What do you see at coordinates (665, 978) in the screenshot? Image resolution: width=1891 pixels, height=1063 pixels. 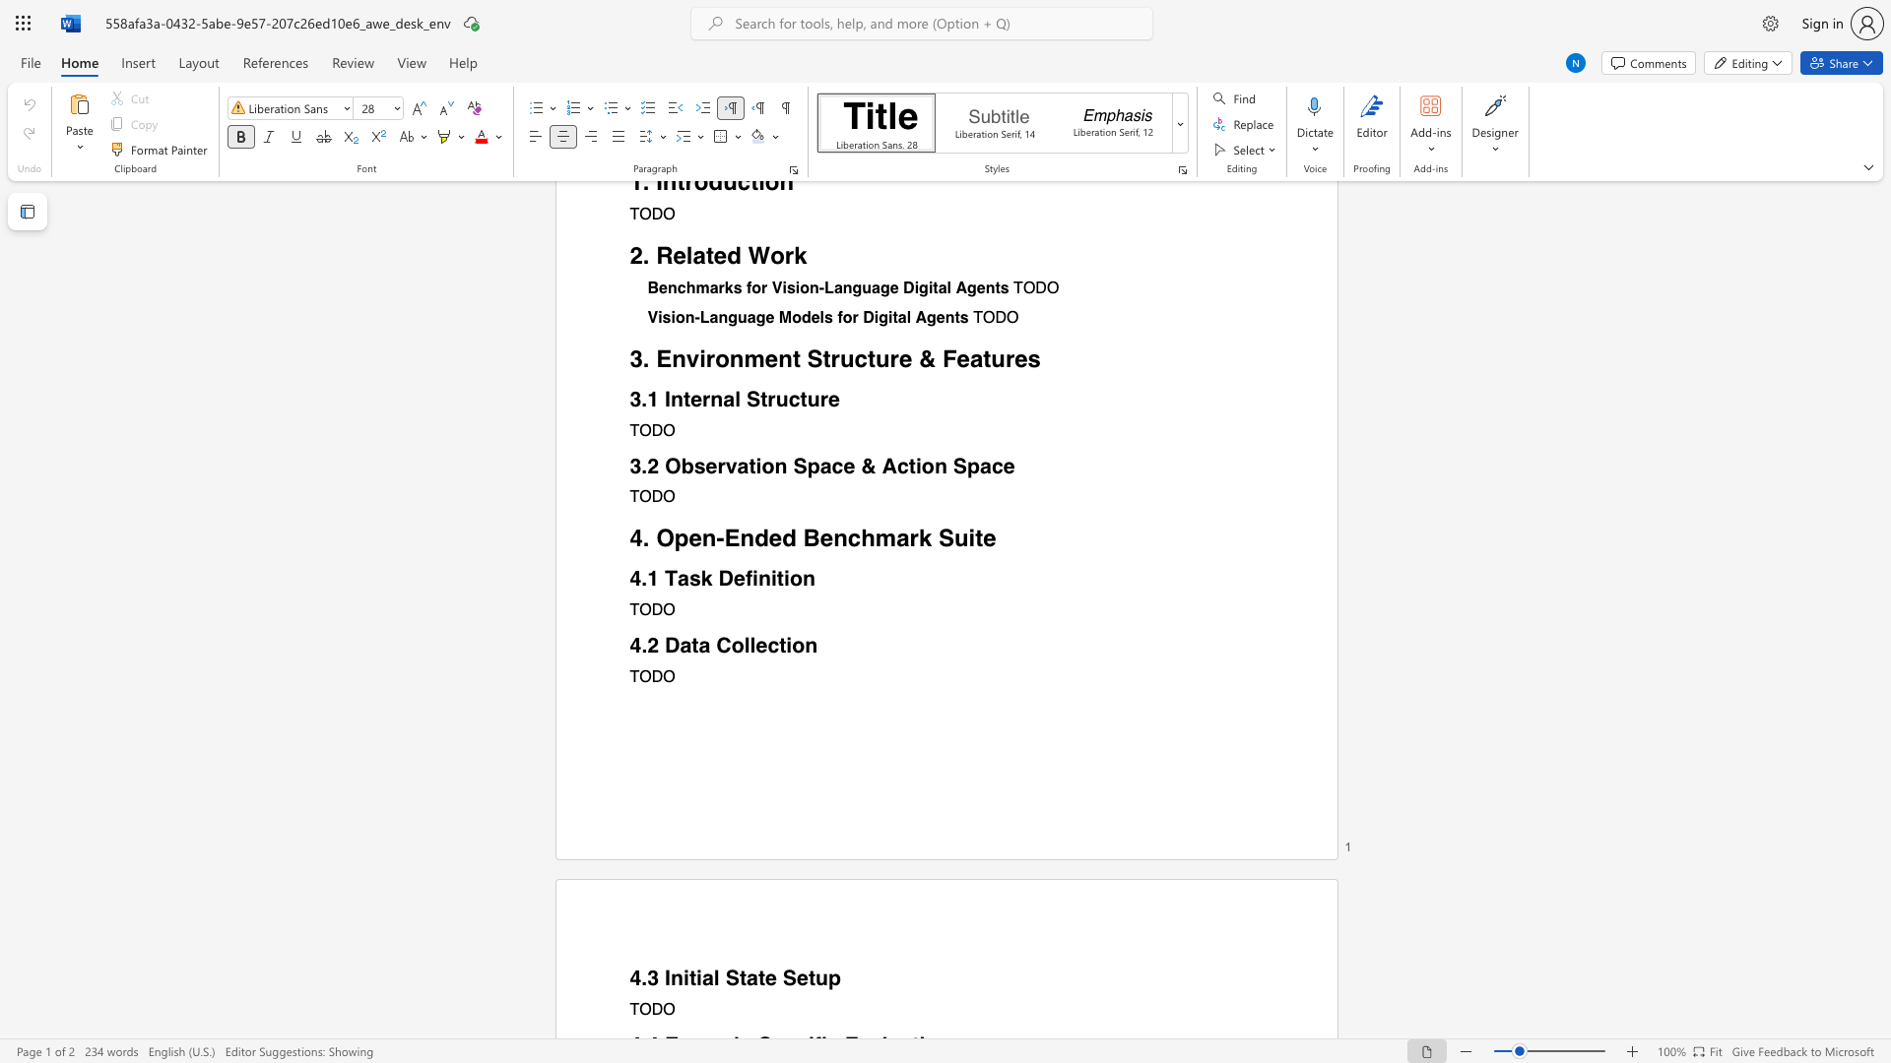 I see `the subset text "In" within the text "4.3 Initial State Setup"` at bounding box center [665, 978].